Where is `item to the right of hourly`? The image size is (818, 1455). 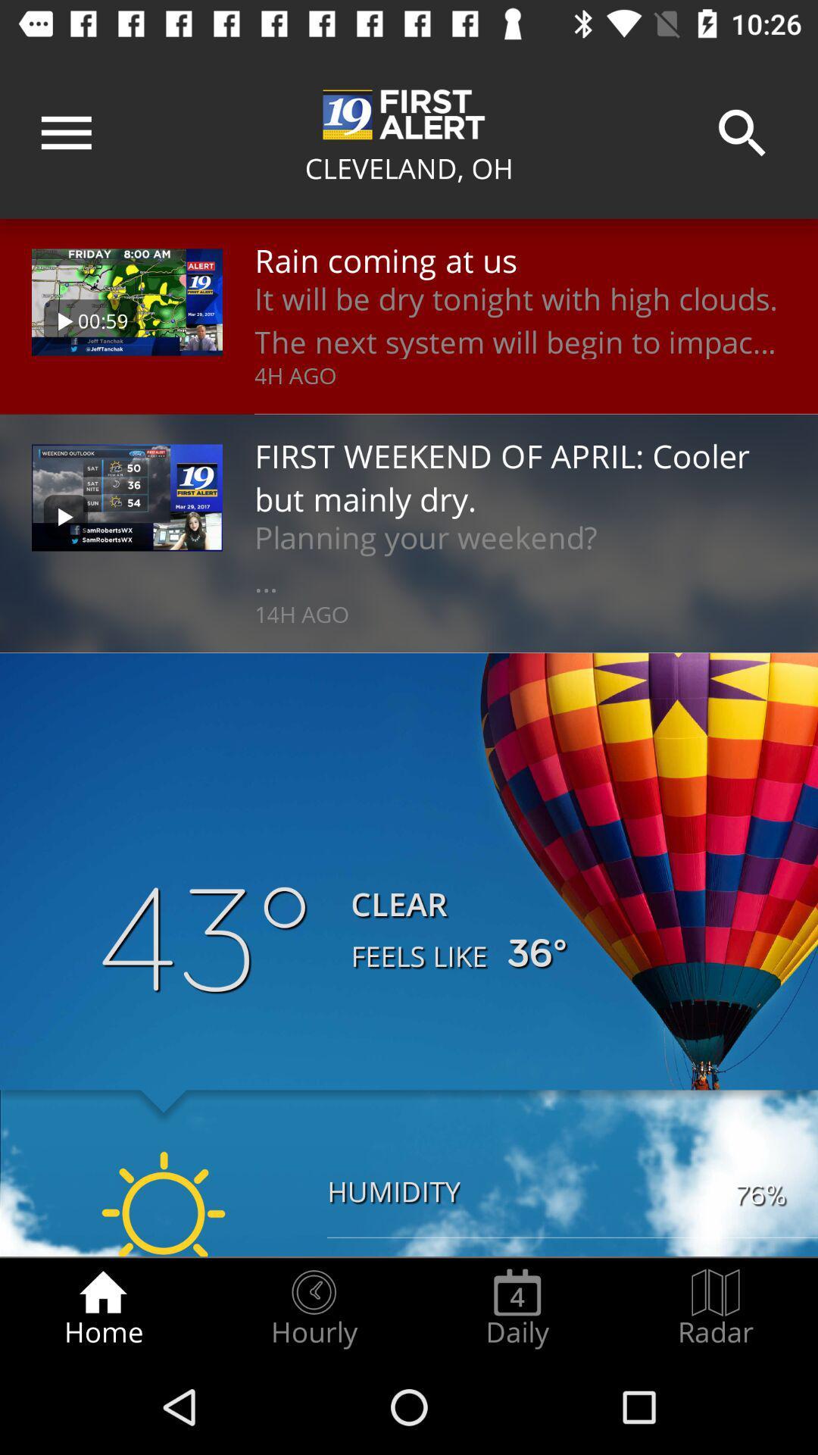 item to the right of hourly is located at coordinates (517, 1308).